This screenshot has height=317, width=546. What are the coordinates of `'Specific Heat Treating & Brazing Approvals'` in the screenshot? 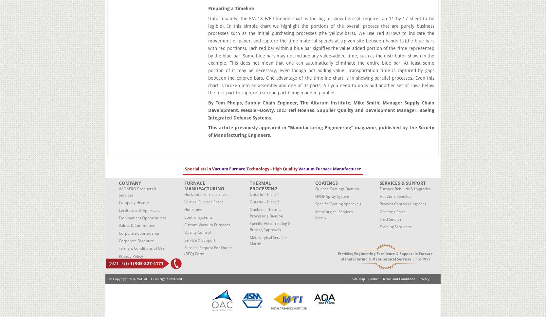 It's located at (270, 226).